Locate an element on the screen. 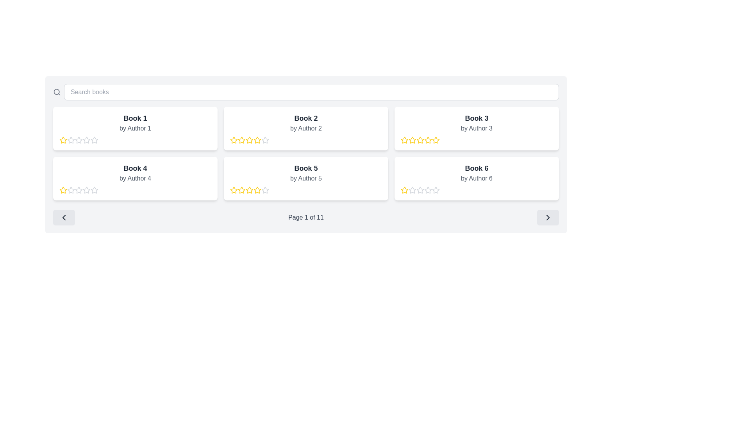 The width and height of the screenshot is (750, 422). the card displaying book information and rating for 'Book 4' by 'Author 4', which is the fourth card in a grid layout is located at coordinates (135, 178).